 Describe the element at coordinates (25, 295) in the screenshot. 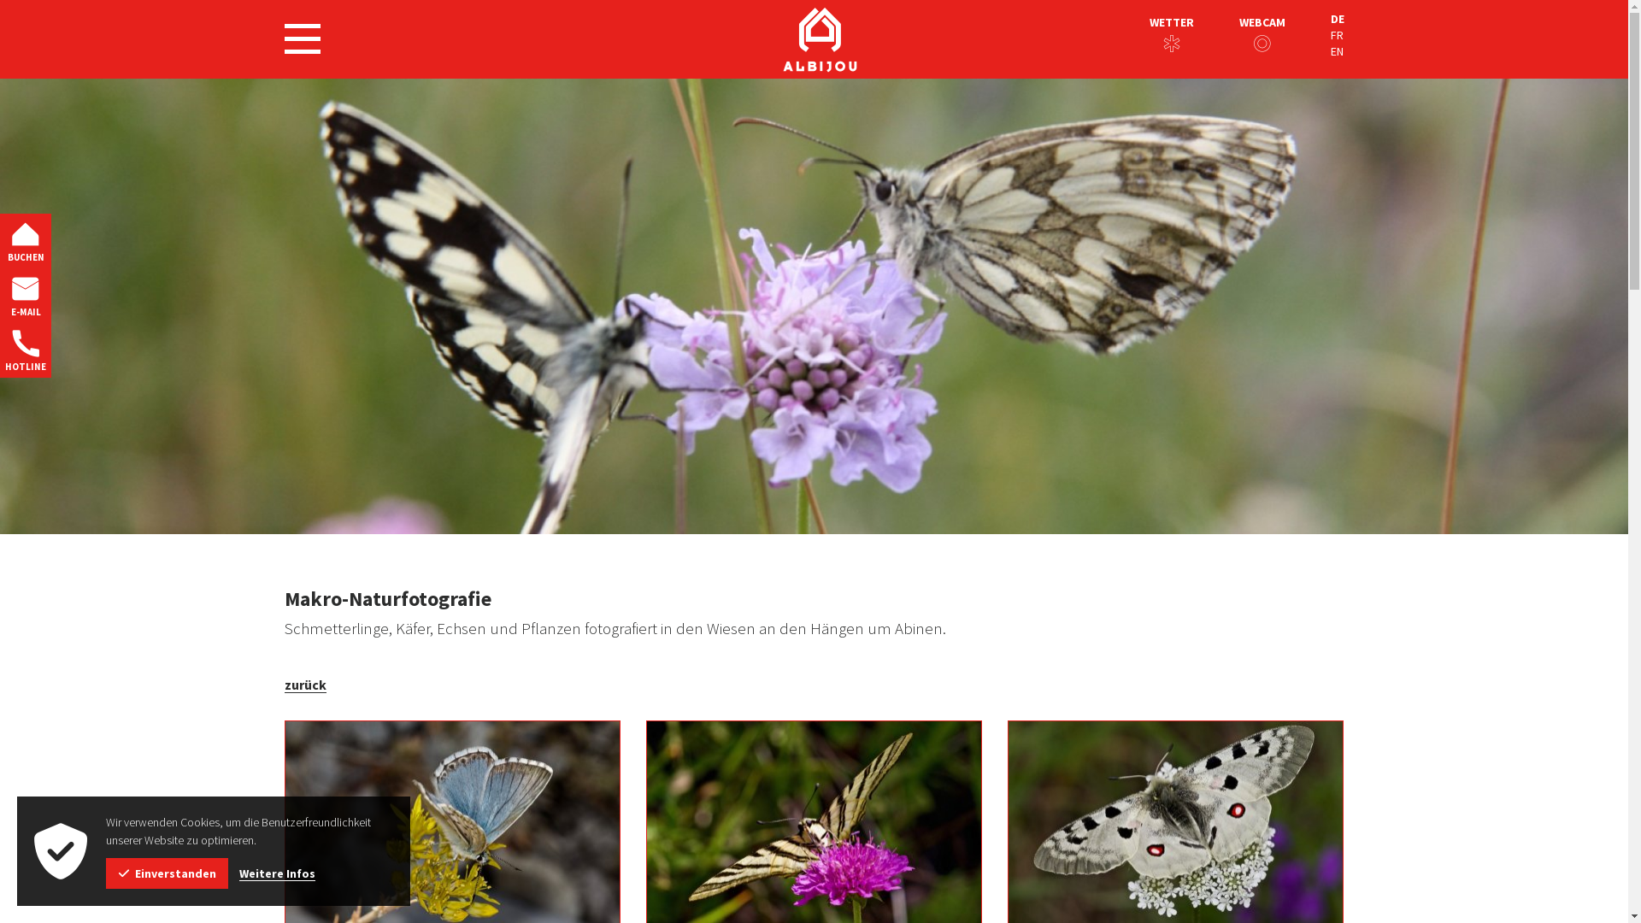

I see `'E-MAIL'` at that location.